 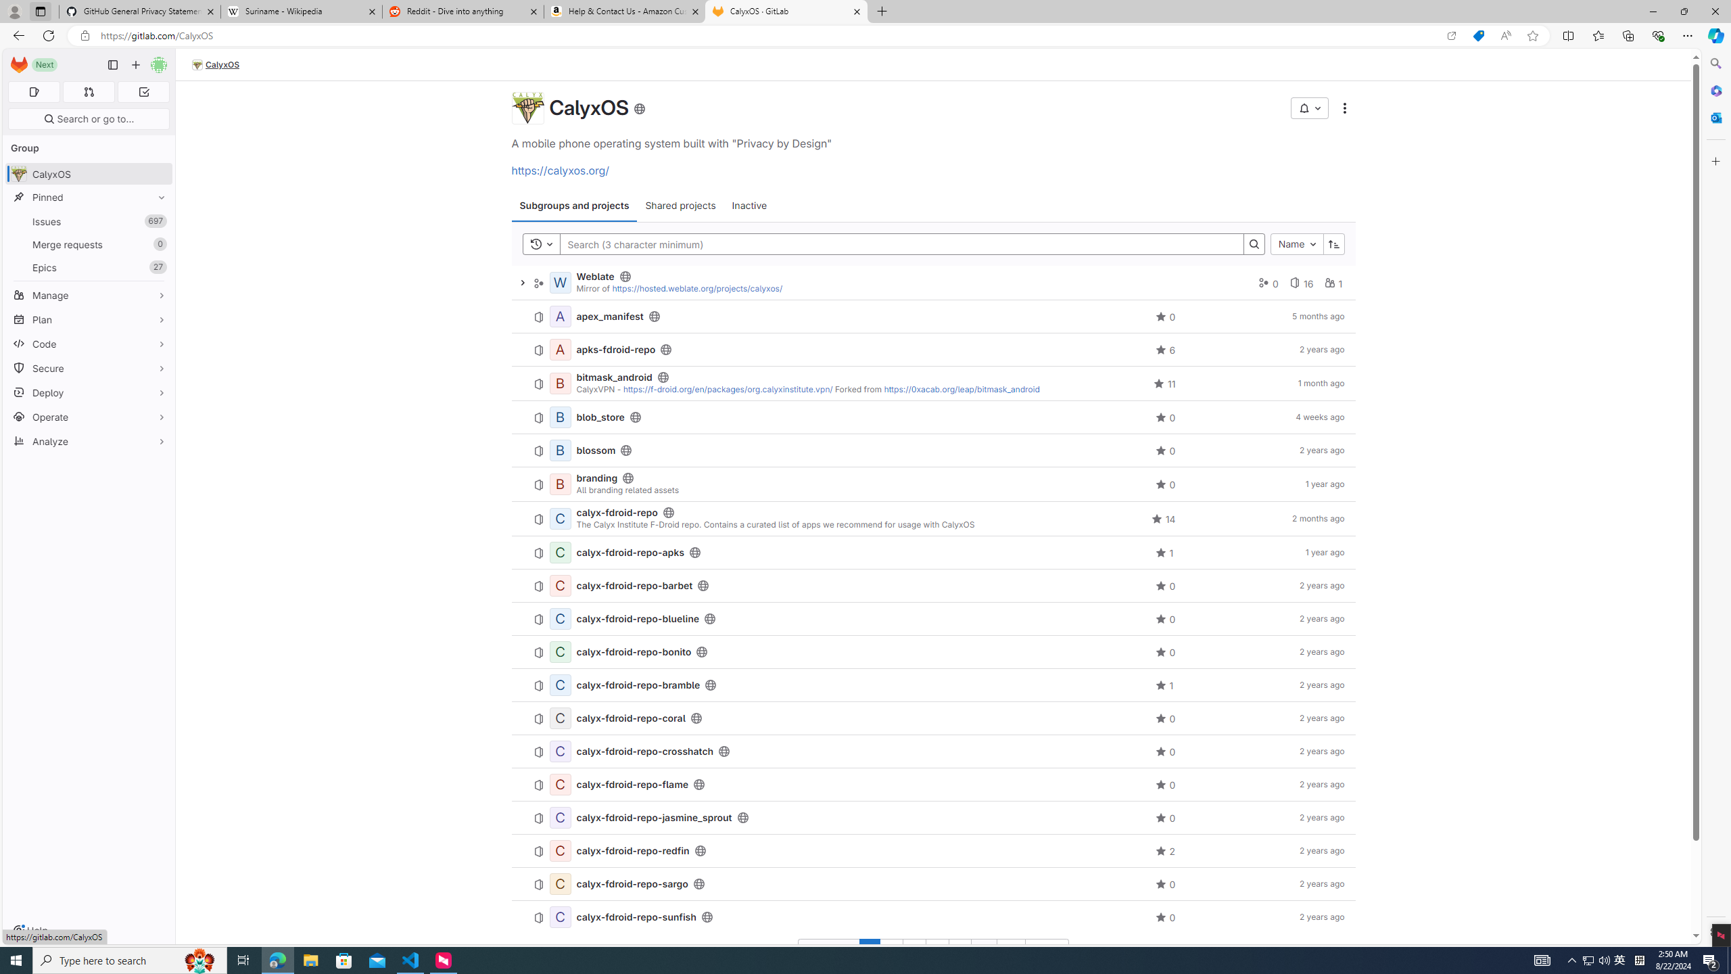 What do you see at coordinates (637, 619) in the screenshot?
I see `'calyx-fdroid-repo-blueline'` at bounding box center [637, 619].